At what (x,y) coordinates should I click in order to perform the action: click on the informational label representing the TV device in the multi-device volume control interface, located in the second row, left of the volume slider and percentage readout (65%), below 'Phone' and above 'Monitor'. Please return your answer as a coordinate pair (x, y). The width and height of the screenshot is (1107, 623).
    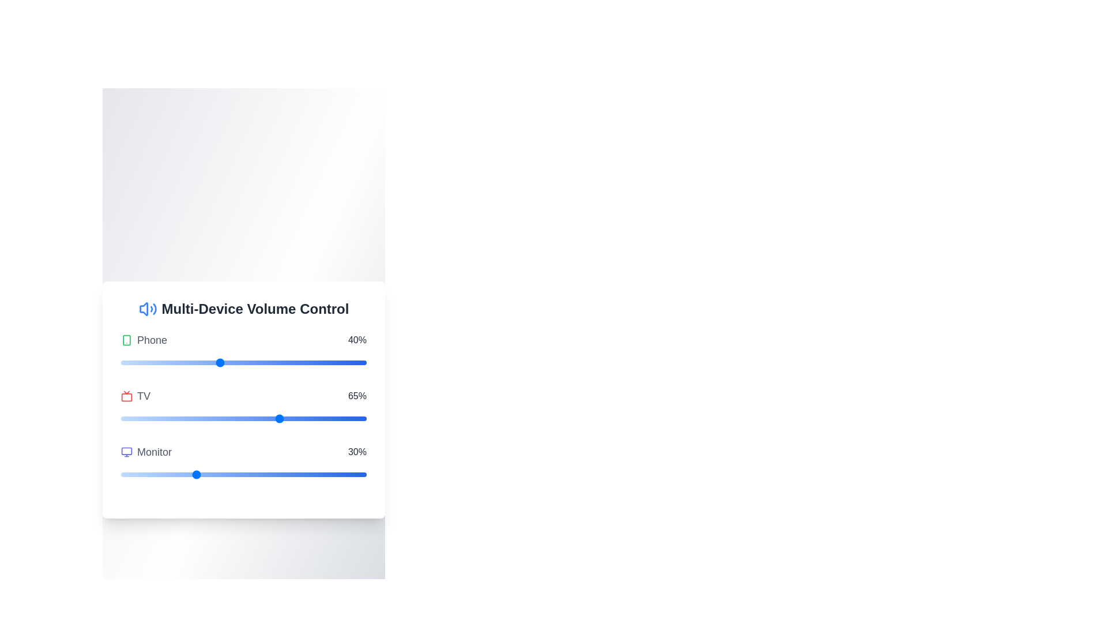
    Looking at the image, I should click on (135, 395).